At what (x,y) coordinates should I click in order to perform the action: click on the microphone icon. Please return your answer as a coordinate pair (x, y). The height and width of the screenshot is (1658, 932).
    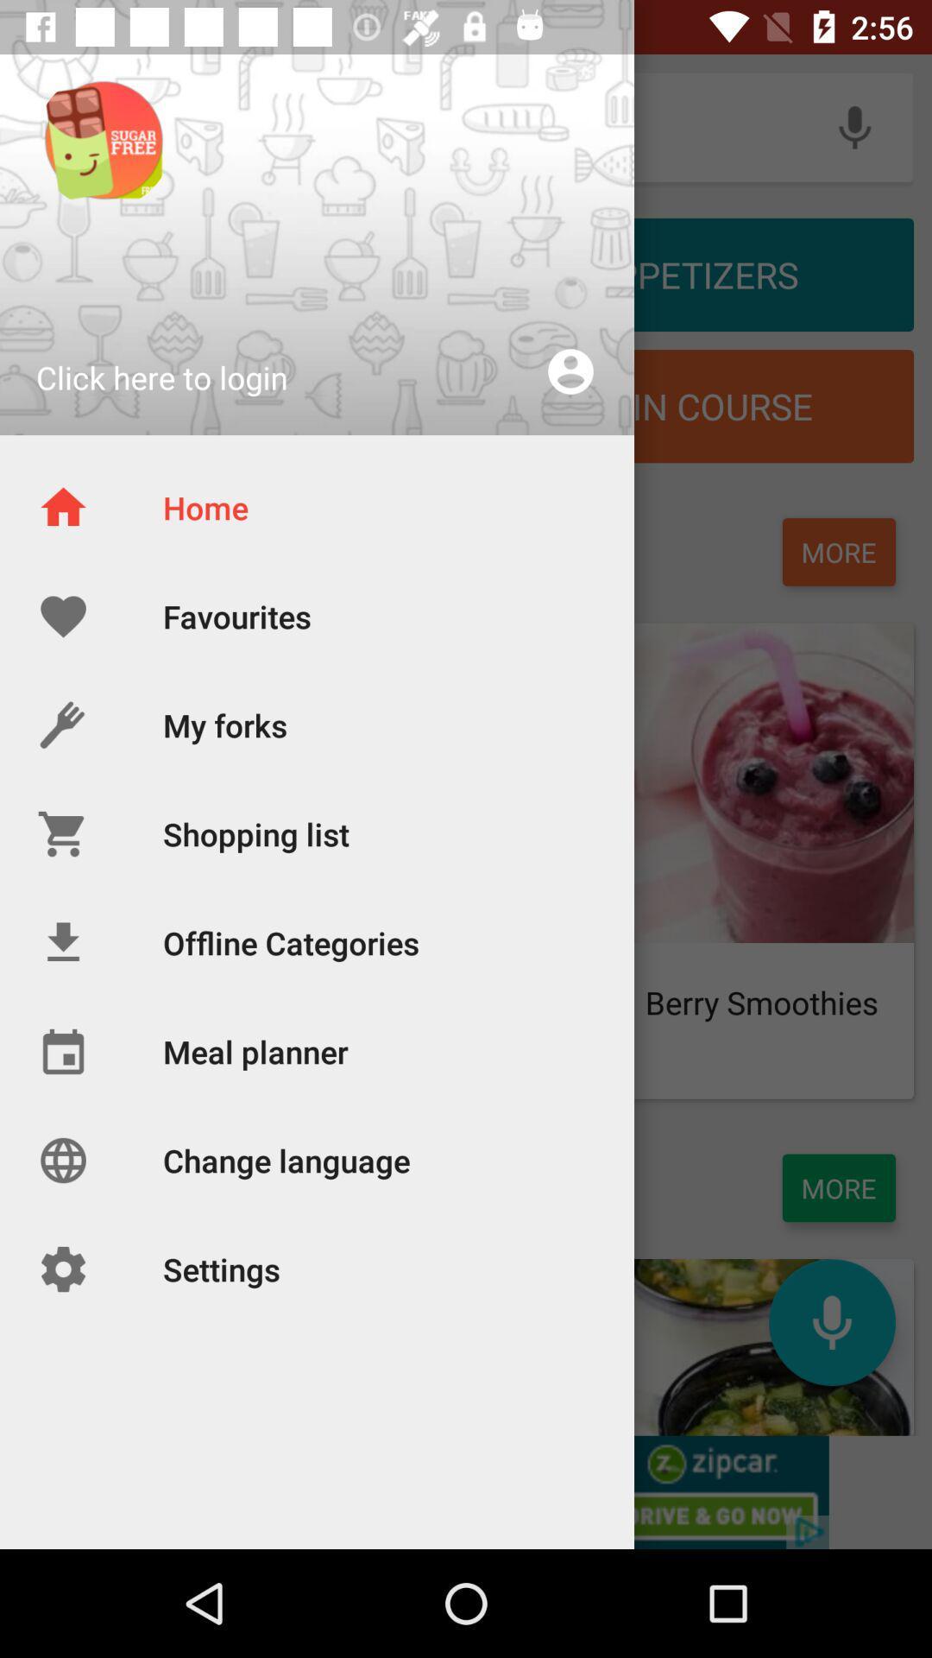
    Looking at the image, I should click on (854, 126).